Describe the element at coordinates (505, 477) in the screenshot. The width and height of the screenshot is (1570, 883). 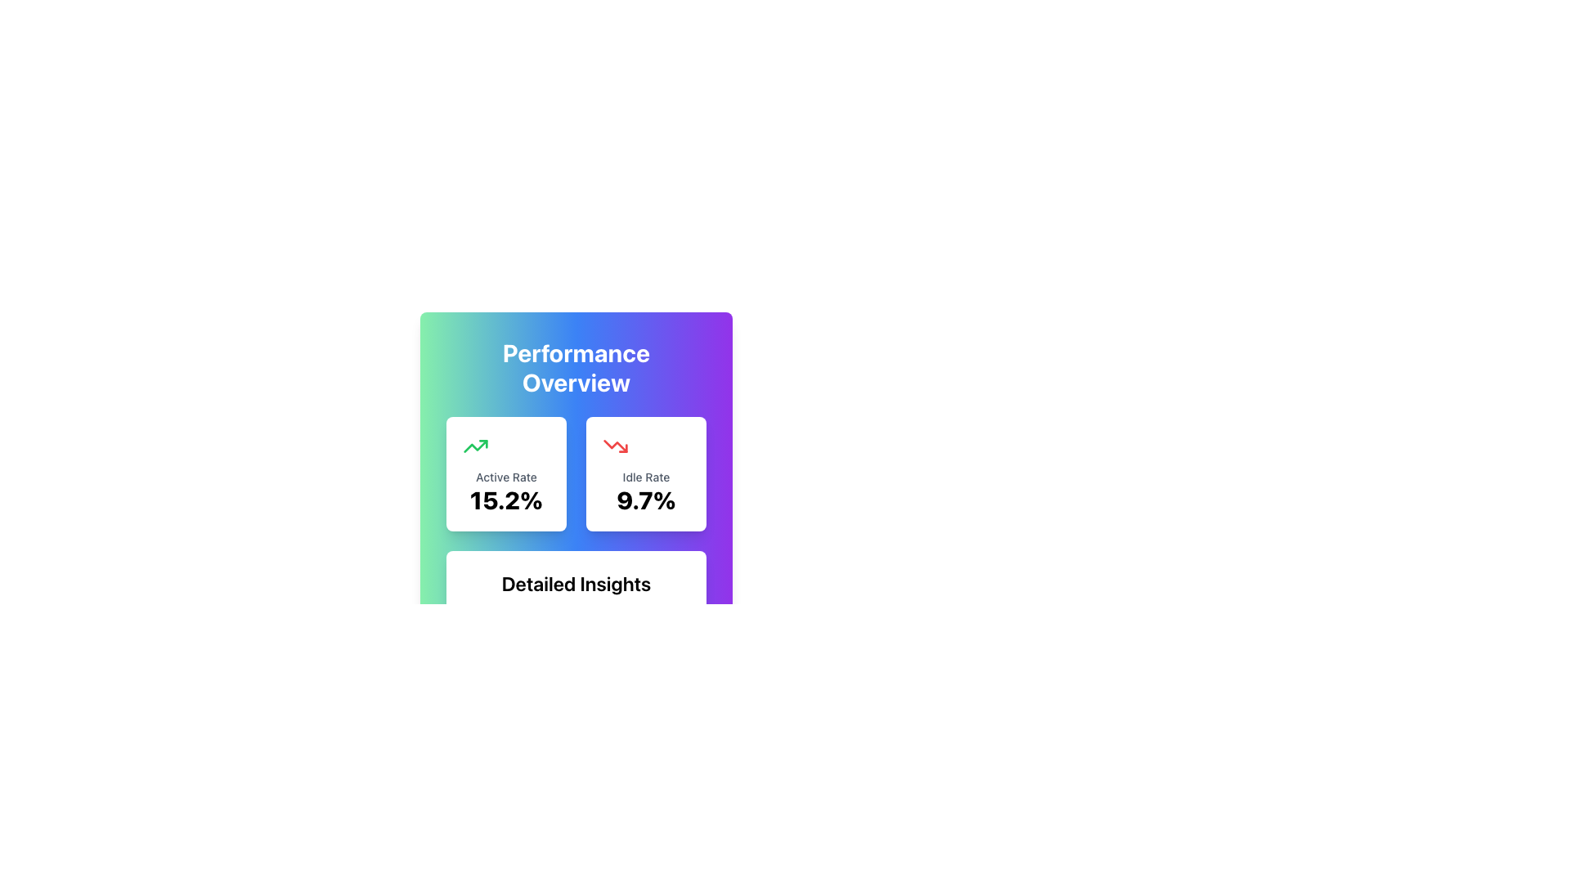
I see `the 'Active Rate' text label displayed in medium-sized gray font, which is centrally located above the '15.2%' statistic and below a green trending-upward arrow icon` at that location.